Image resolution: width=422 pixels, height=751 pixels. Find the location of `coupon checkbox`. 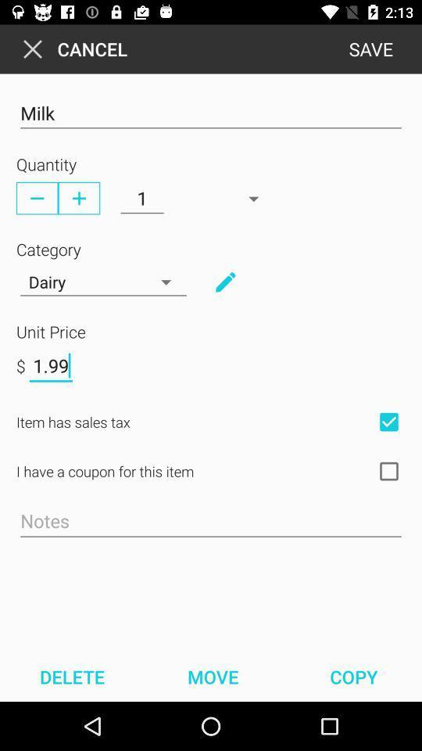

coupon checkbox is located at coordinates (388, 470).